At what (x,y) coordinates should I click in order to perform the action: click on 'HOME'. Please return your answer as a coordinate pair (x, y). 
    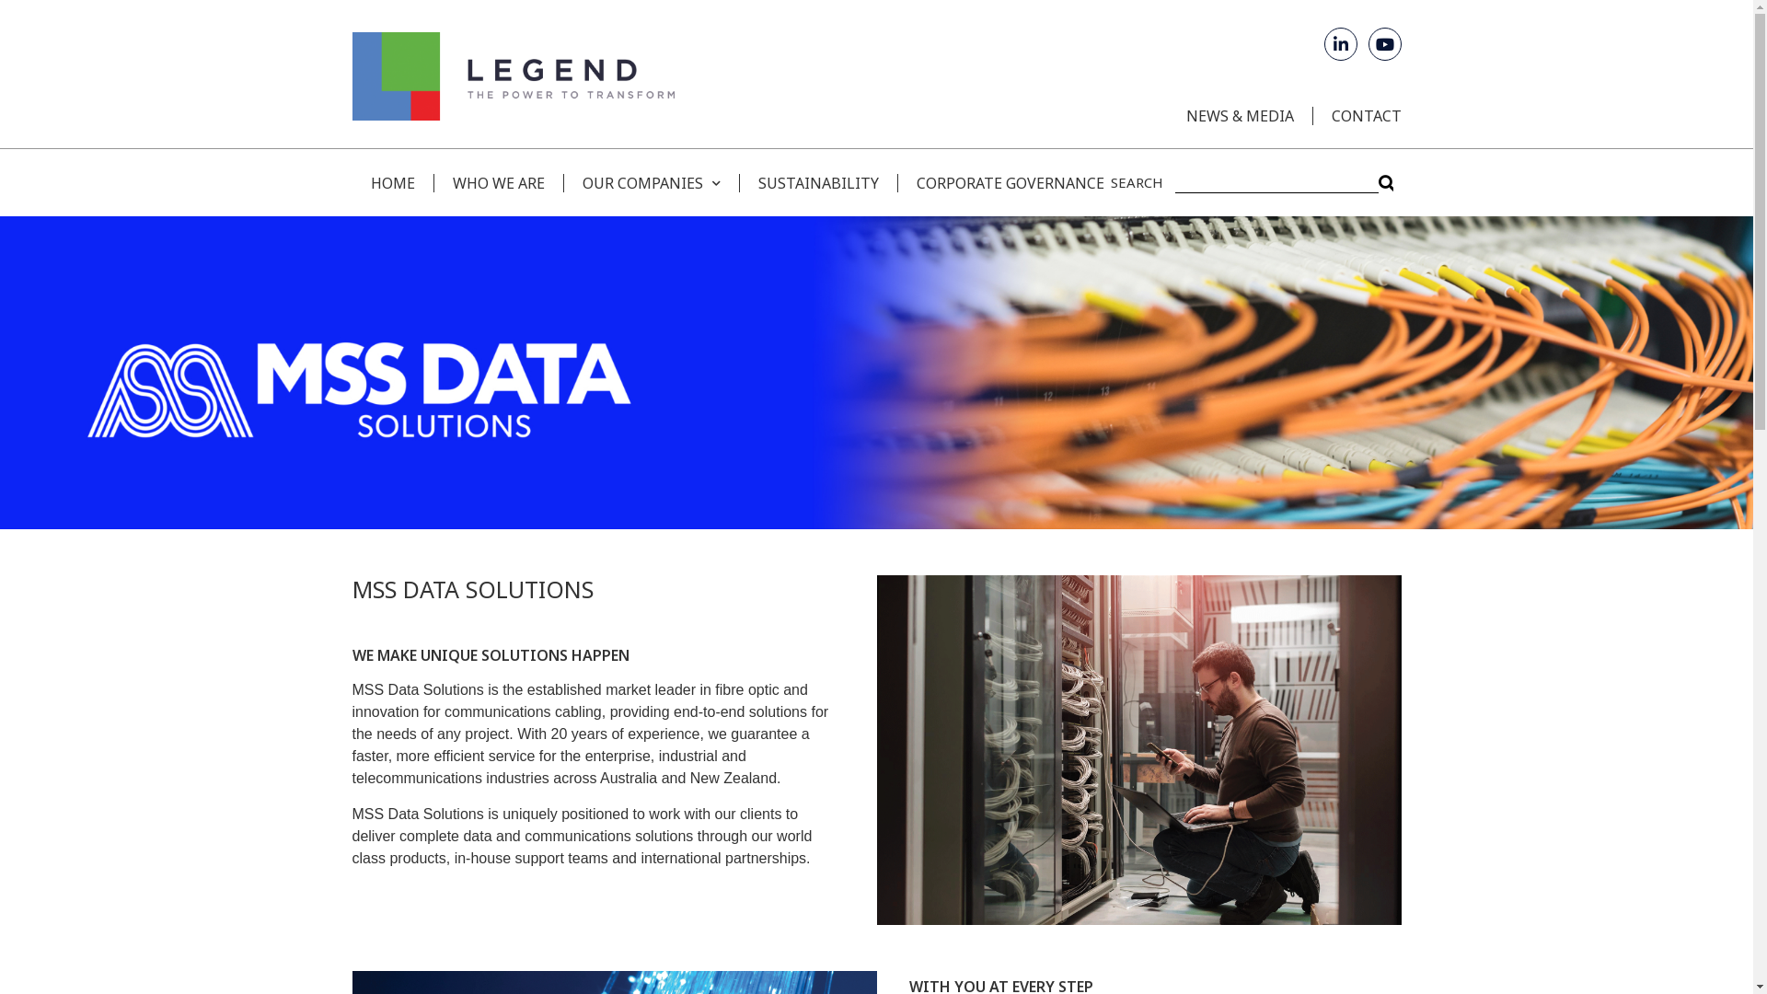
    Looking at the image, I should click on (391, 181).